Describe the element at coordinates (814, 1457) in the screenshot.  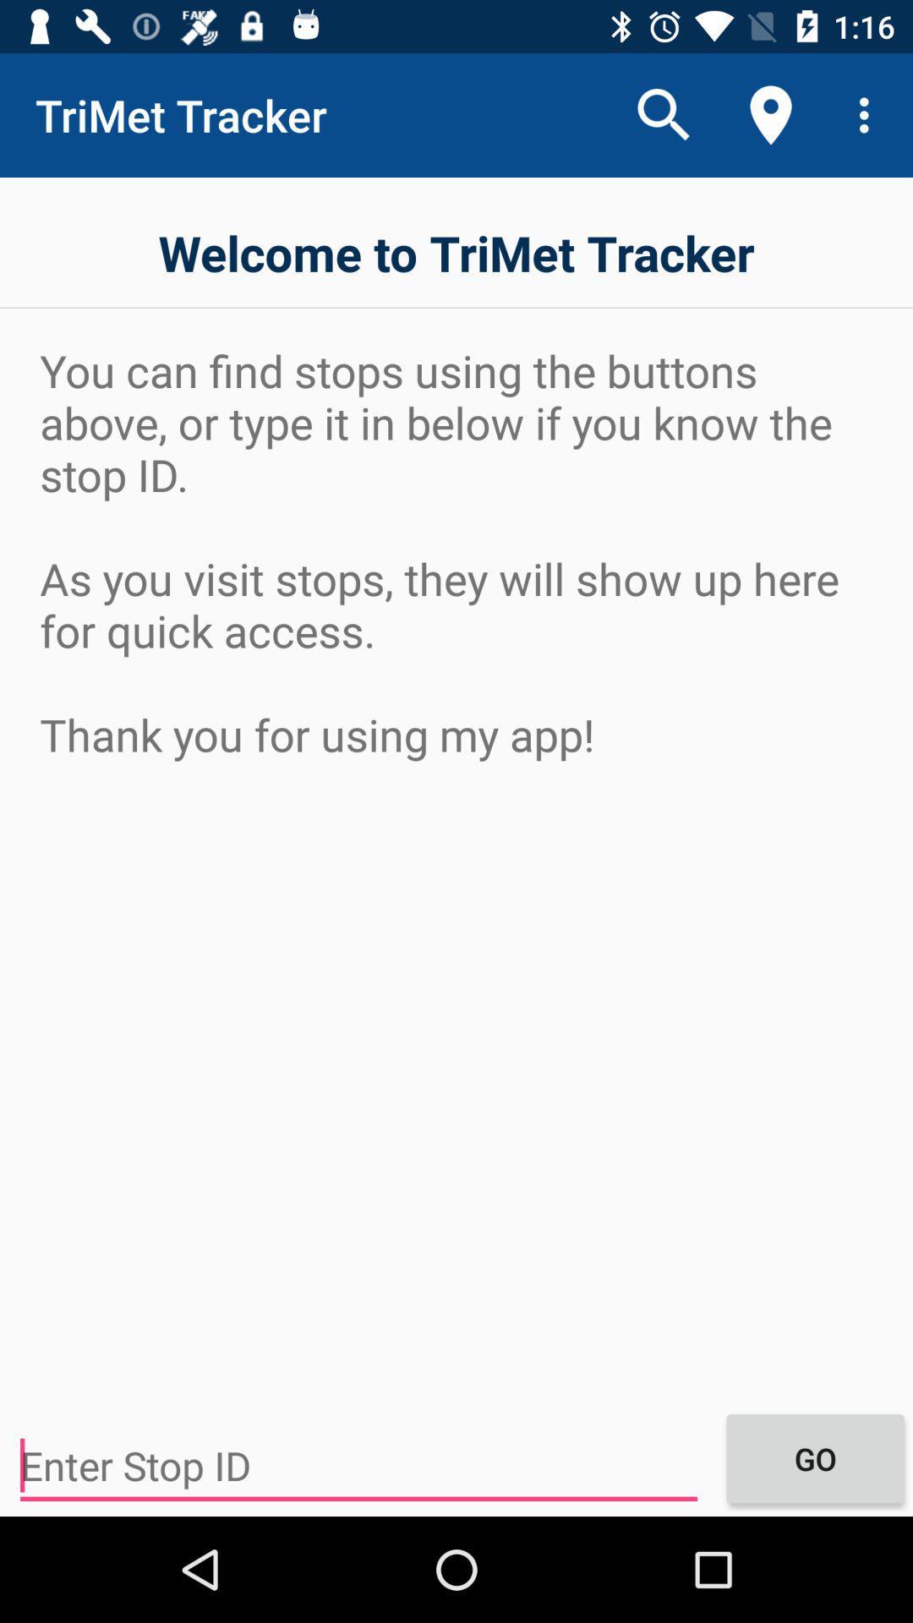
I see `go` at that location.